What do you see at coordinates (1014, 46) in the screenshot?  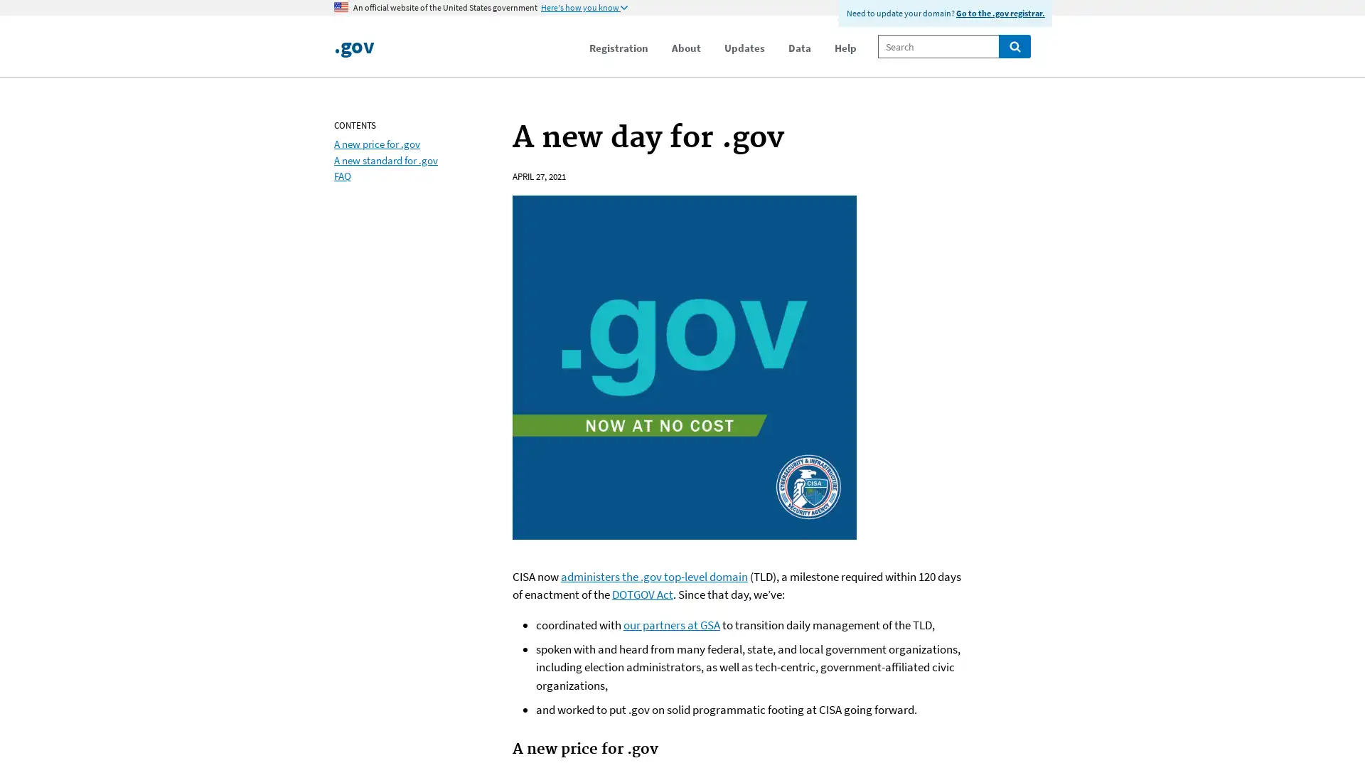 I see `Search` at bounding box center [1014, 46].